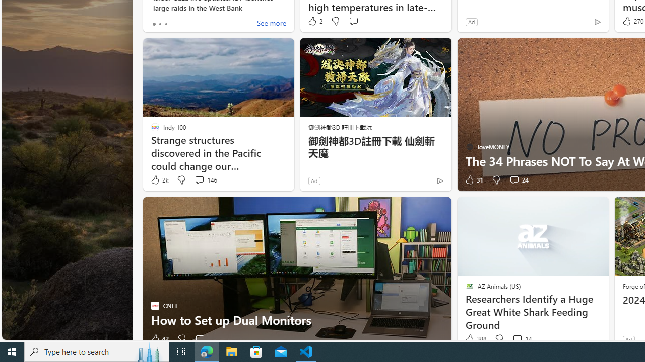  Describe the element at coordinates (199, 179) in the screenshot. I see `'View comments 146 Comment'` at that location.